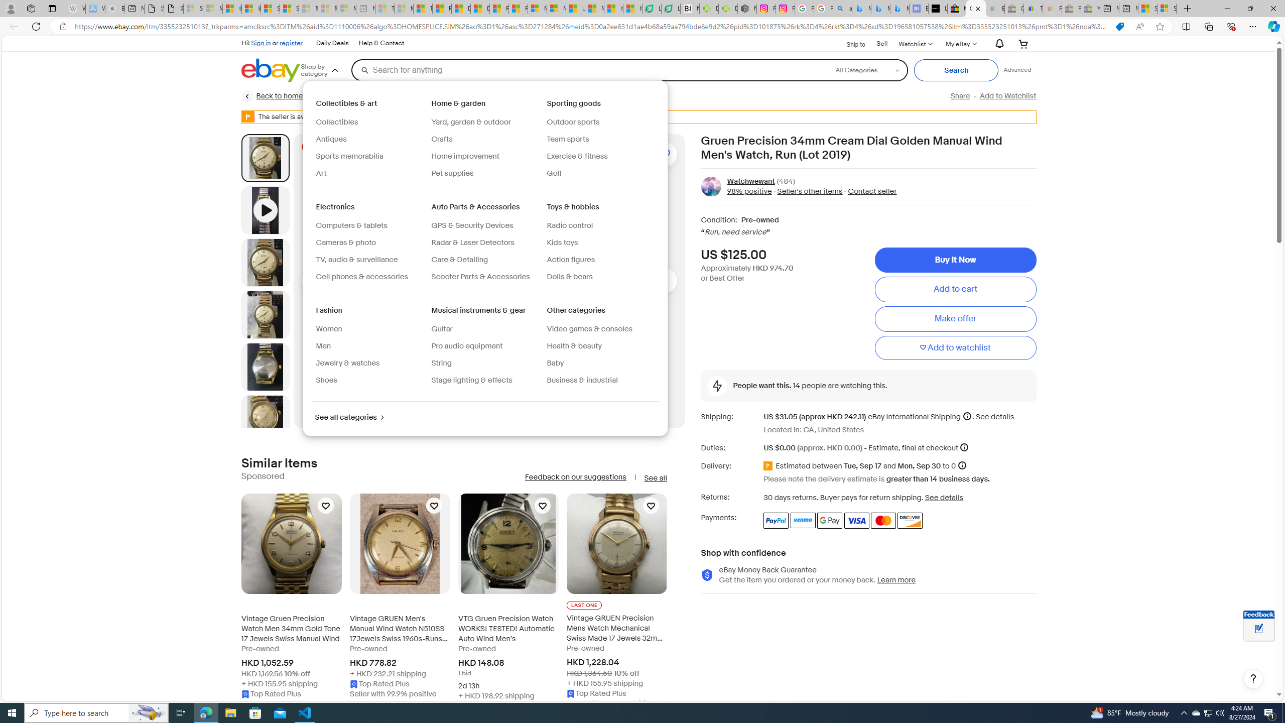 This screenshot has width=1285, height=723. I want to click on 'Payments Terms of Use | eBay.com - Sleeping', so click(1052, 8).